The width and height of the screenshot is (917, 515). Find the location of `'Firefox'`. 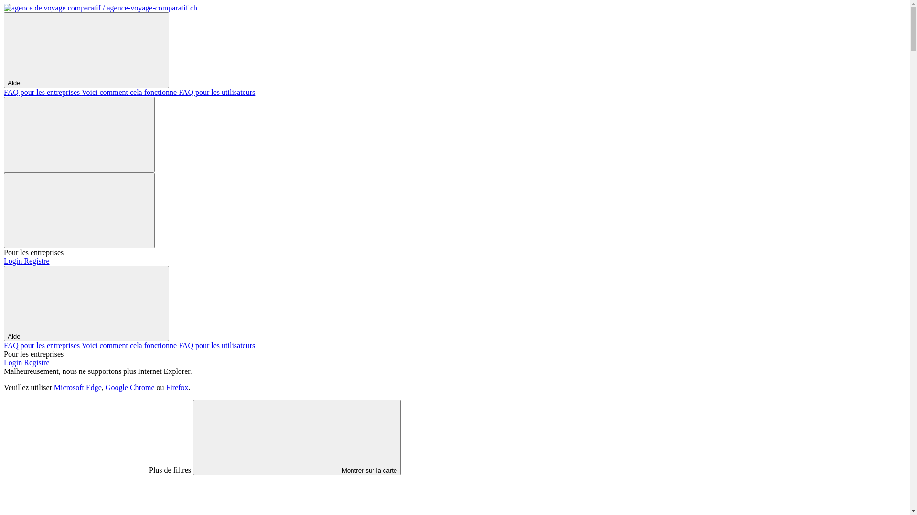

'Firefox' is located at coordinates (177, 387).